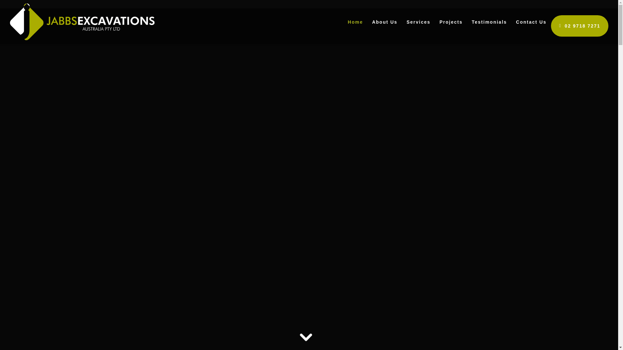 This screenshot has height=350, width=623. Describe the element at coordinates (531, 22) in the screenshot. I see `'Contact Us'` at that location.